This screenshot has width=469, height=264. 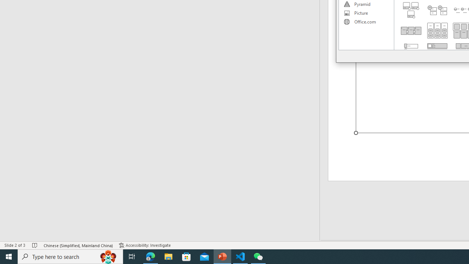 I want to click on 'Type here to search', so click(x=70, y=256).